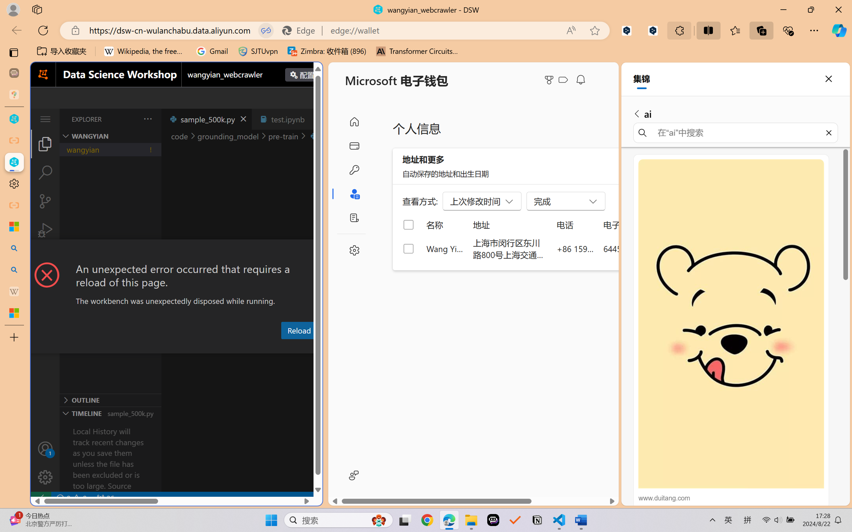  I want to click on 'Explorer actions', so click(130, 119).